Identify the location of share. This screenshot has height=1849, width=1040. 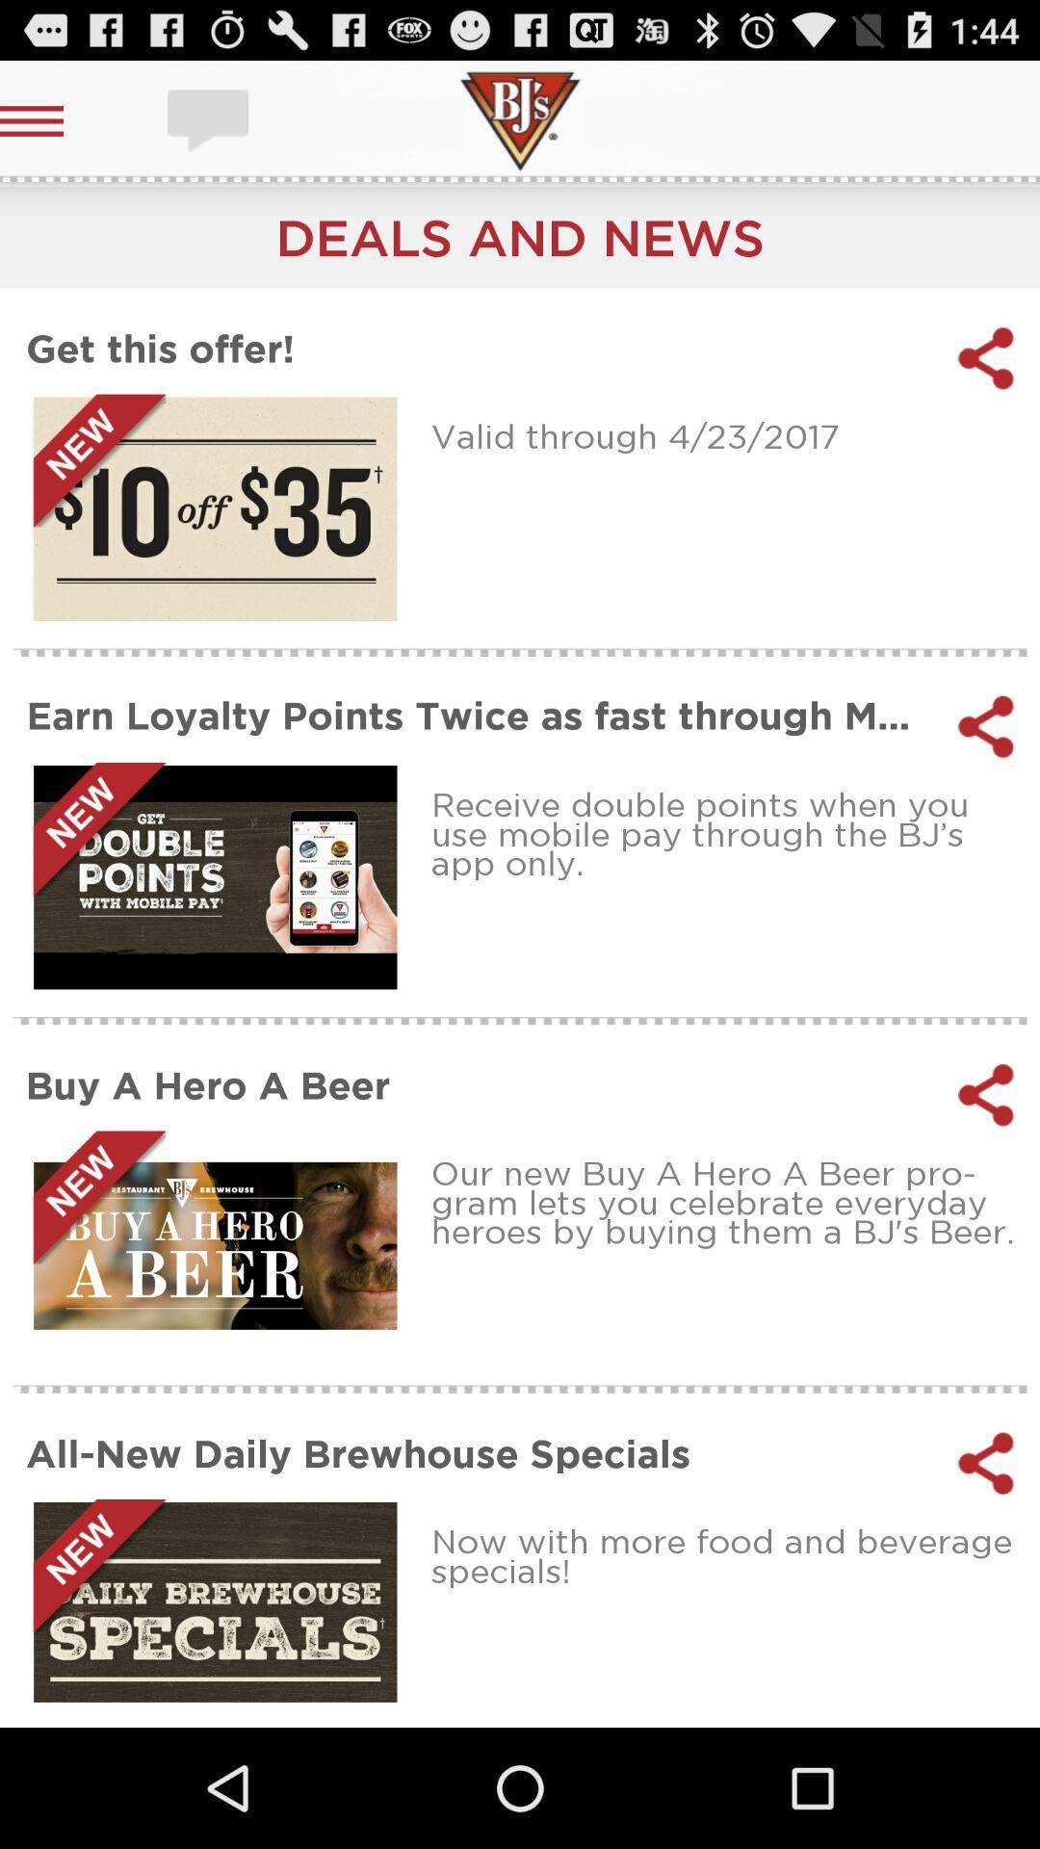
(986, 725).